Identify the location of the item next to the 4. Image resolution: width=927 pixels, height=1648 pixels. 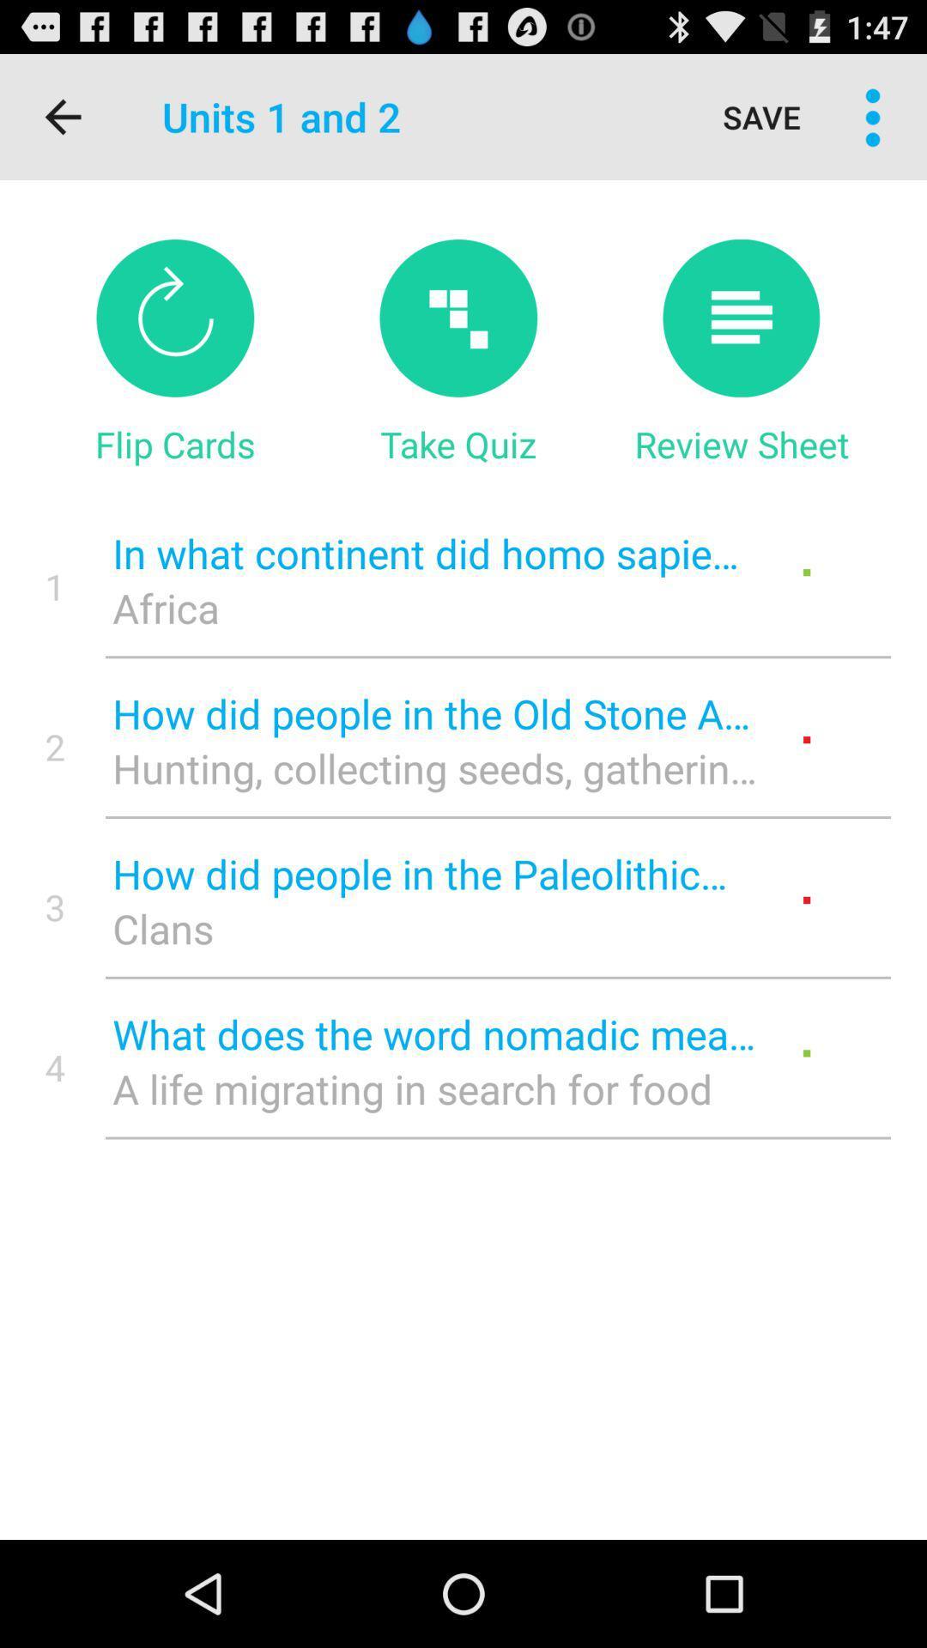
(433, 1088).